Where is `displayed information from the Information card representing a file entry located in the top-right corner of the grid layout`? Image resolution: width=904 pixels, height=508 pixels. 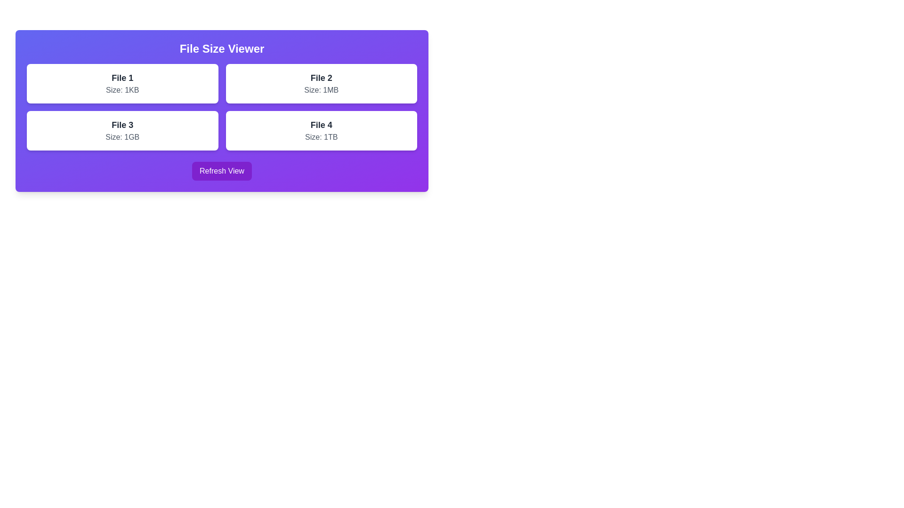
displayed information from the Information card representing a file entry located in the top-right corner of the grid layout is located at coordinates (321, 83).